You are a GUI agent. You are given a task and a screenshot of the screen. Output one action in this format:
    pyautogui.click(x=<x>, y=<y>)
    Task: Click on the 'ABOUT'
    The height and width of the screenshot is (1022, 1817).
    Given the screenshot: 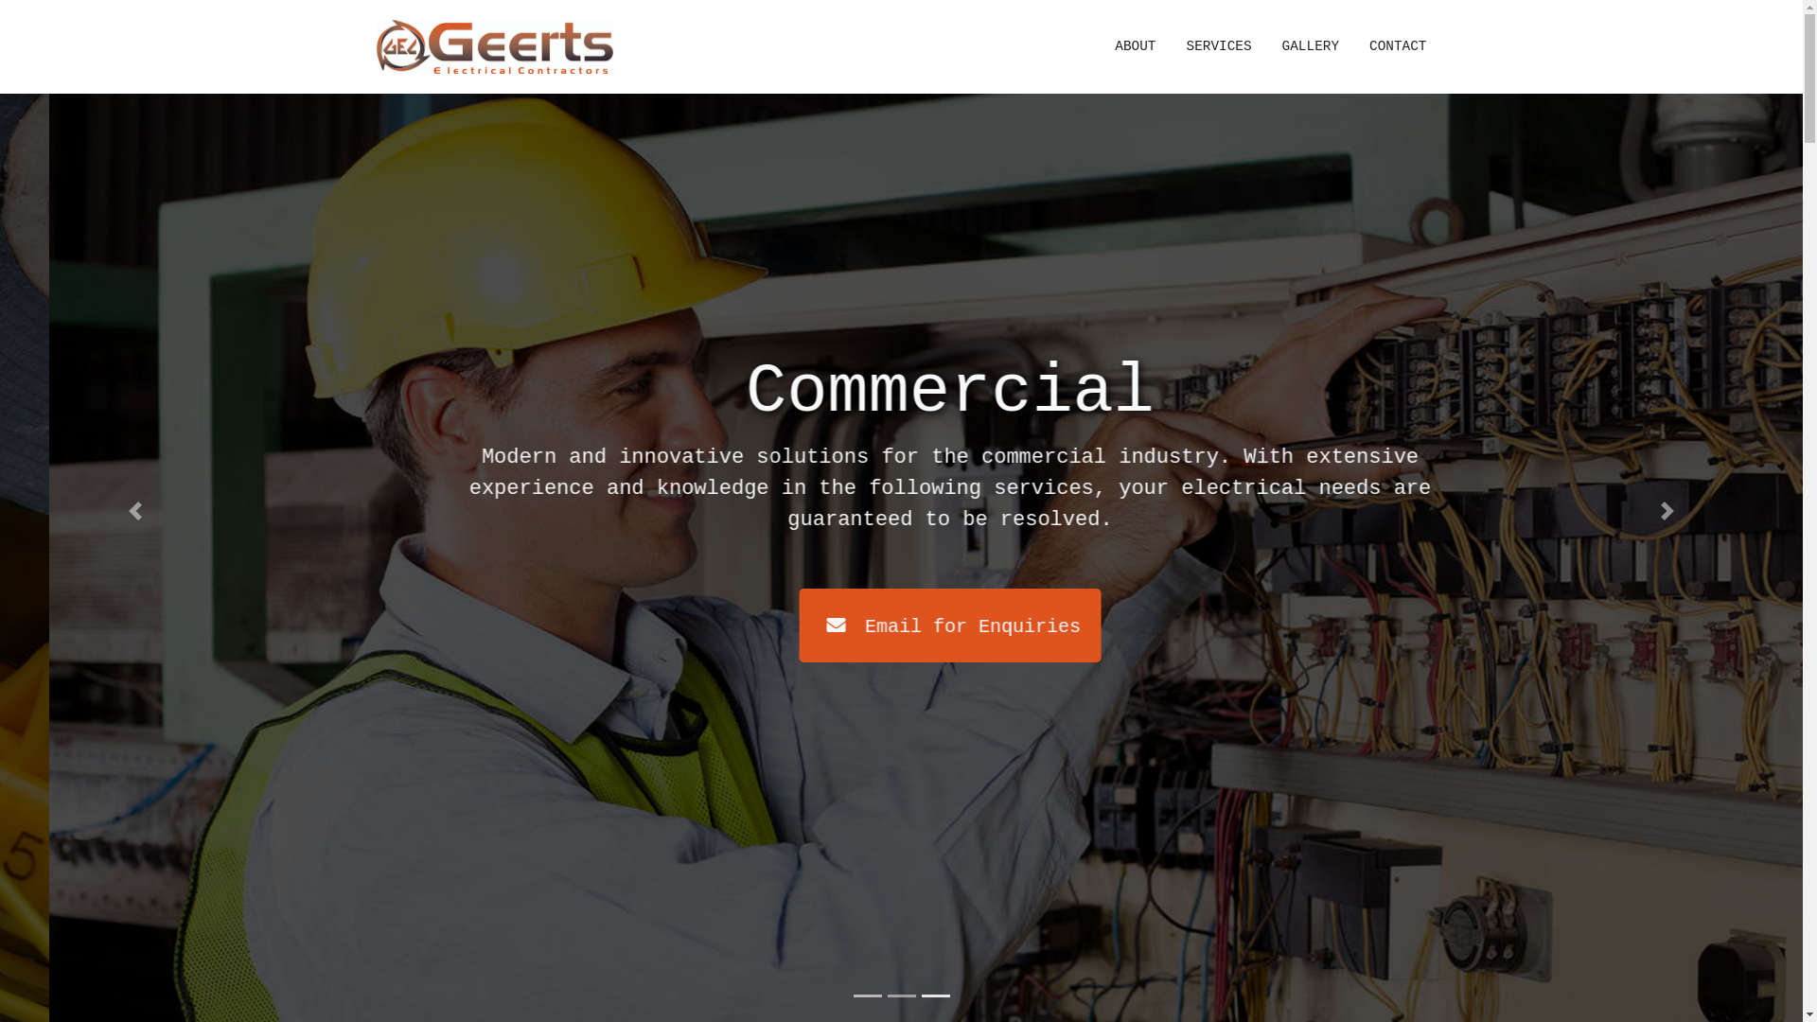 What is the action you would take?
    pyautogui.click(x=1135, y=46)
    